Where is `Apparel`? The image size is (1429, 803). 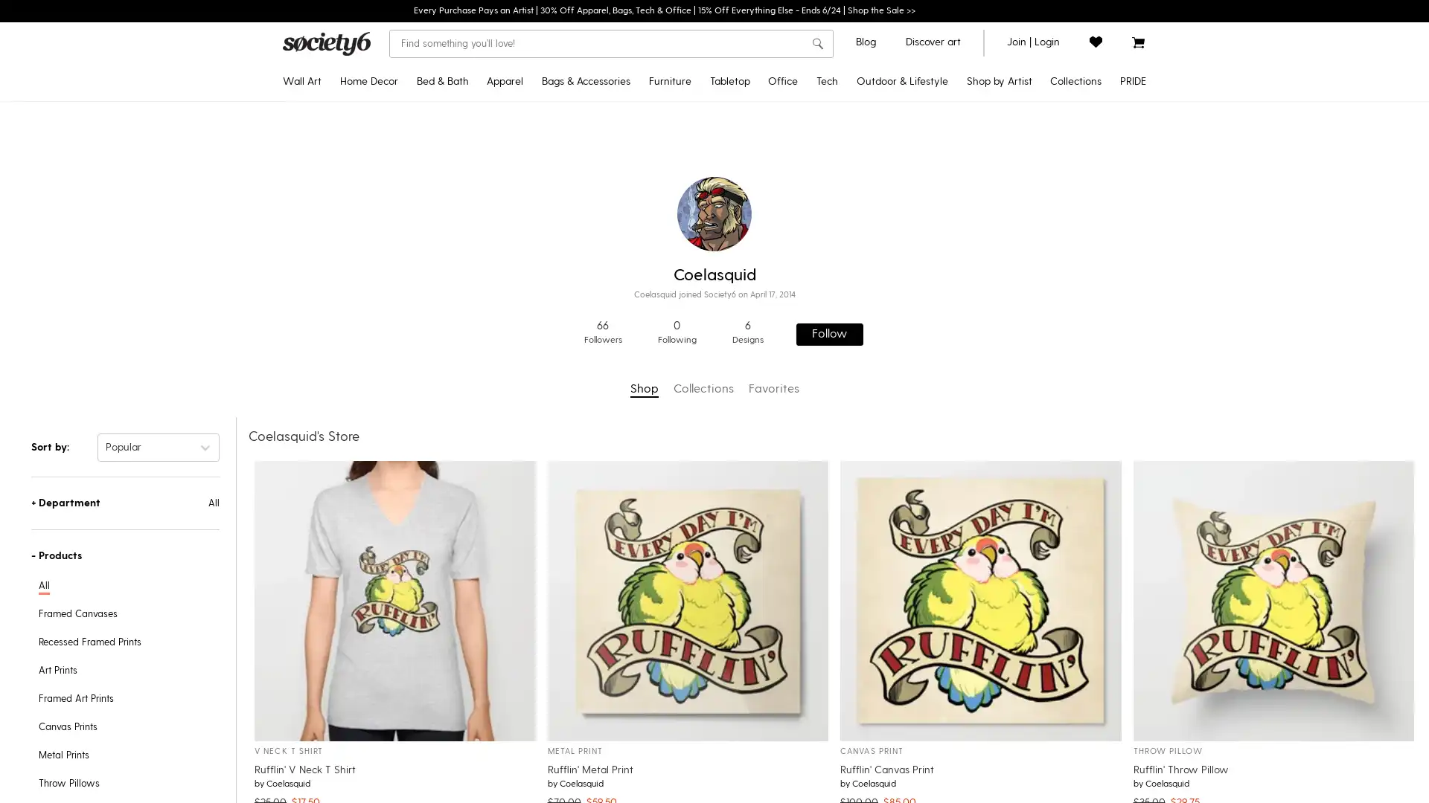 Apparel is located at coordinates (505, 82).